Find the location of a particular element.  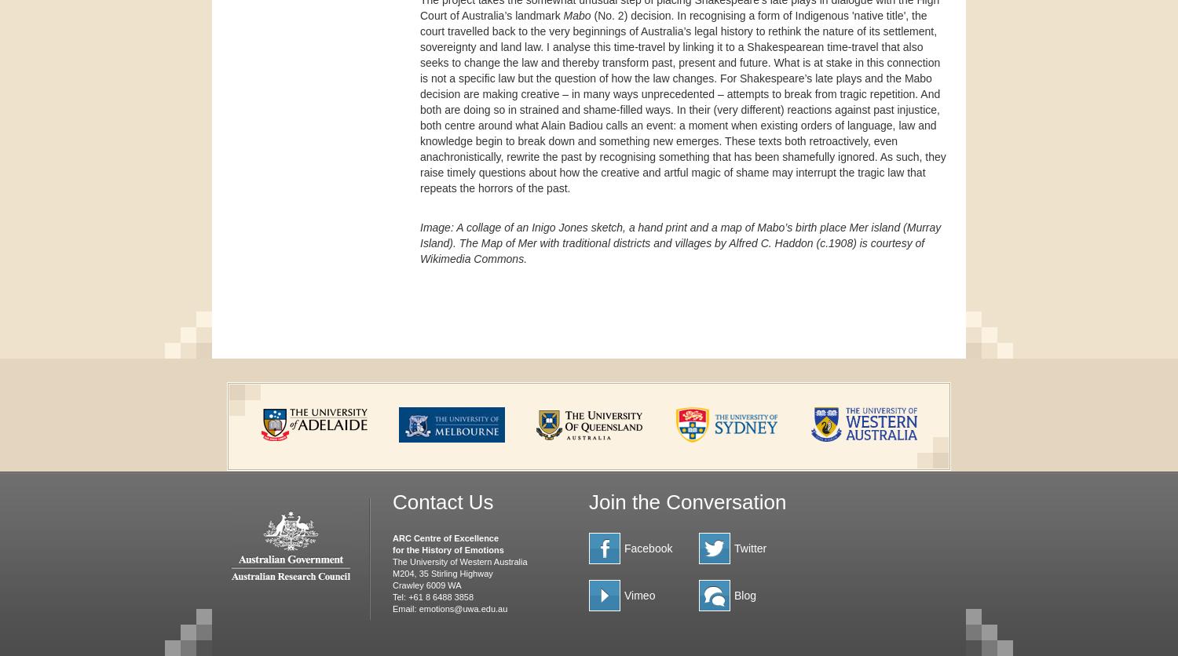

'Crawley 6009 WA' is located at coordinates (391, 583).